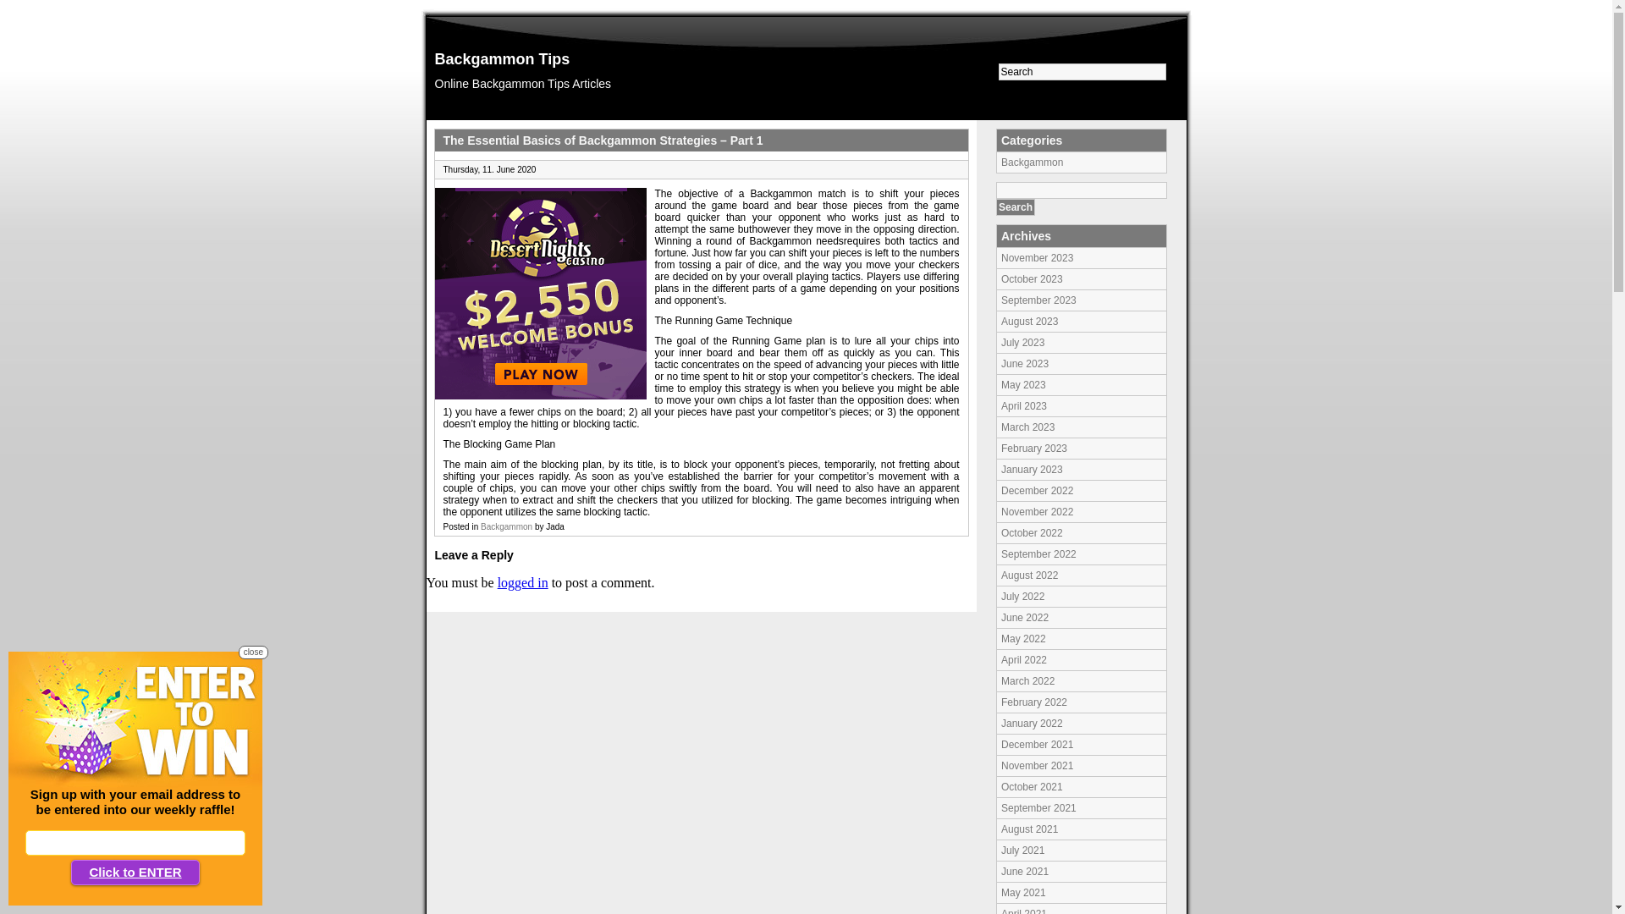 The width and height of the screenshot is (1625, 914). Describe the element at coordinates (1022, 658) in the screenshot. I see `'April 2022'` at that location.